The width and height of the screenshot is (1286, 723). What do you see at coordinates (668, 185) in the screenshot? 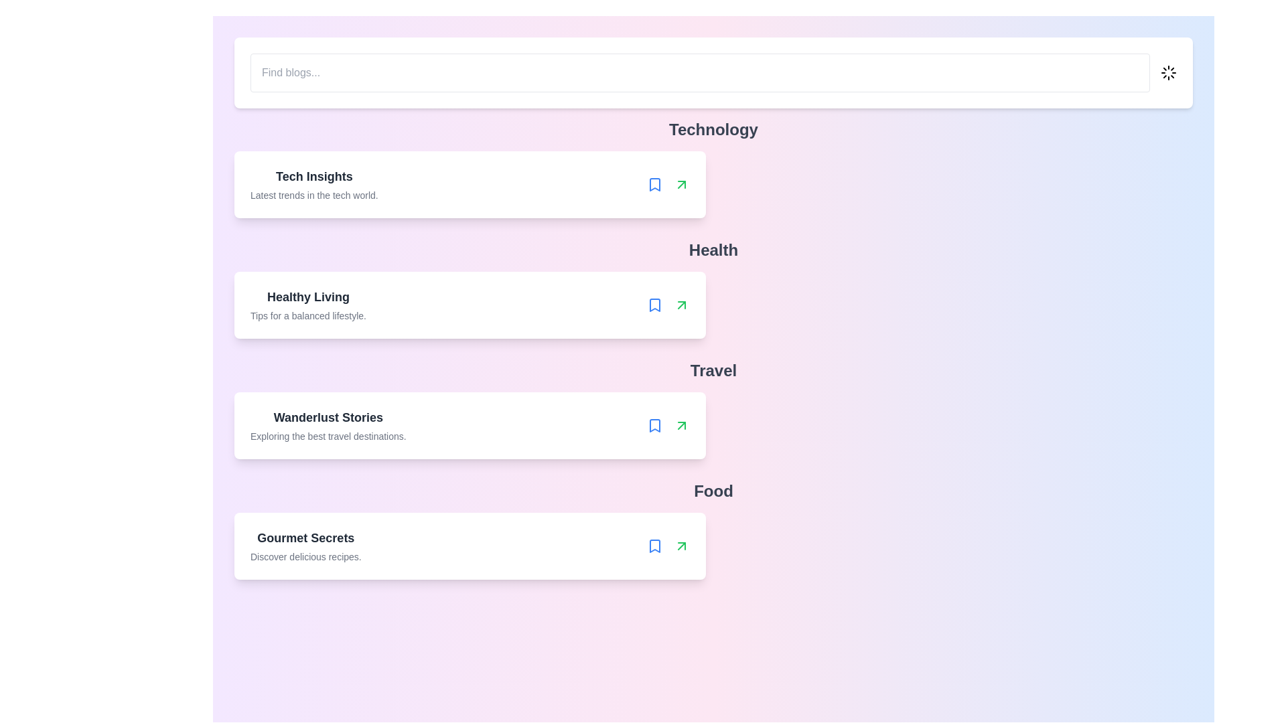
I see `the bookmark icon in the 'Tech Insights' card under the 'Technology' section` at bounding box center [668, 185].